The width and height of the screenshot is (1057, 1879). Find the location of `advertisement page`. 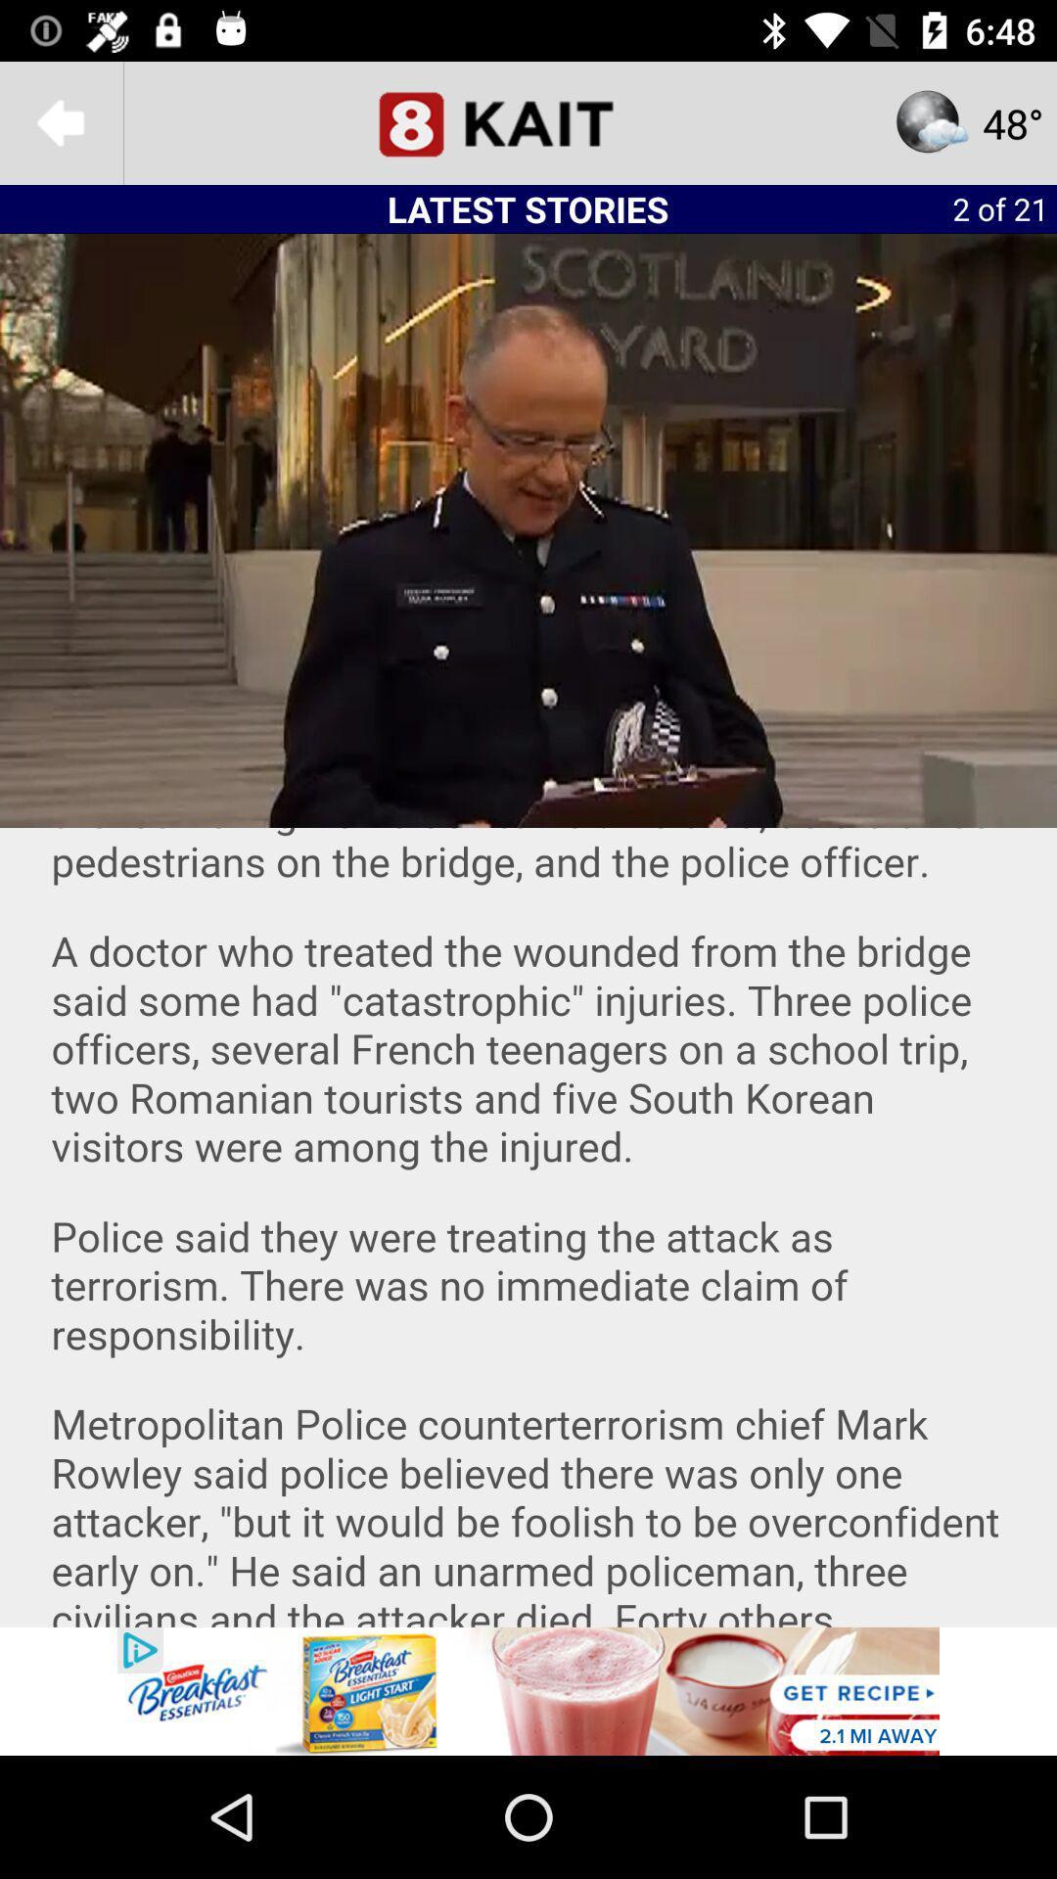

advertisement page is located at coordinates (528, 1690).